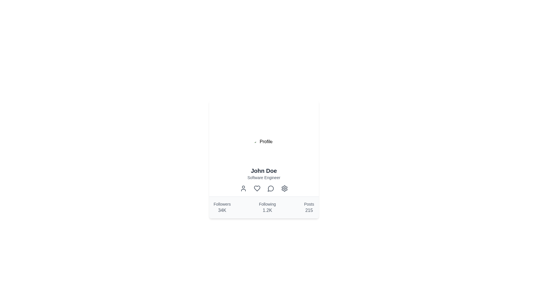  What do you see at coordinates (257, 188) in the screenshot?
I see `the heart-shaped icon with a hollow center, which is the second icon from the left in the horizontal series of interactive icons at the bottom section of the interface` at bounding box center [257, 188].